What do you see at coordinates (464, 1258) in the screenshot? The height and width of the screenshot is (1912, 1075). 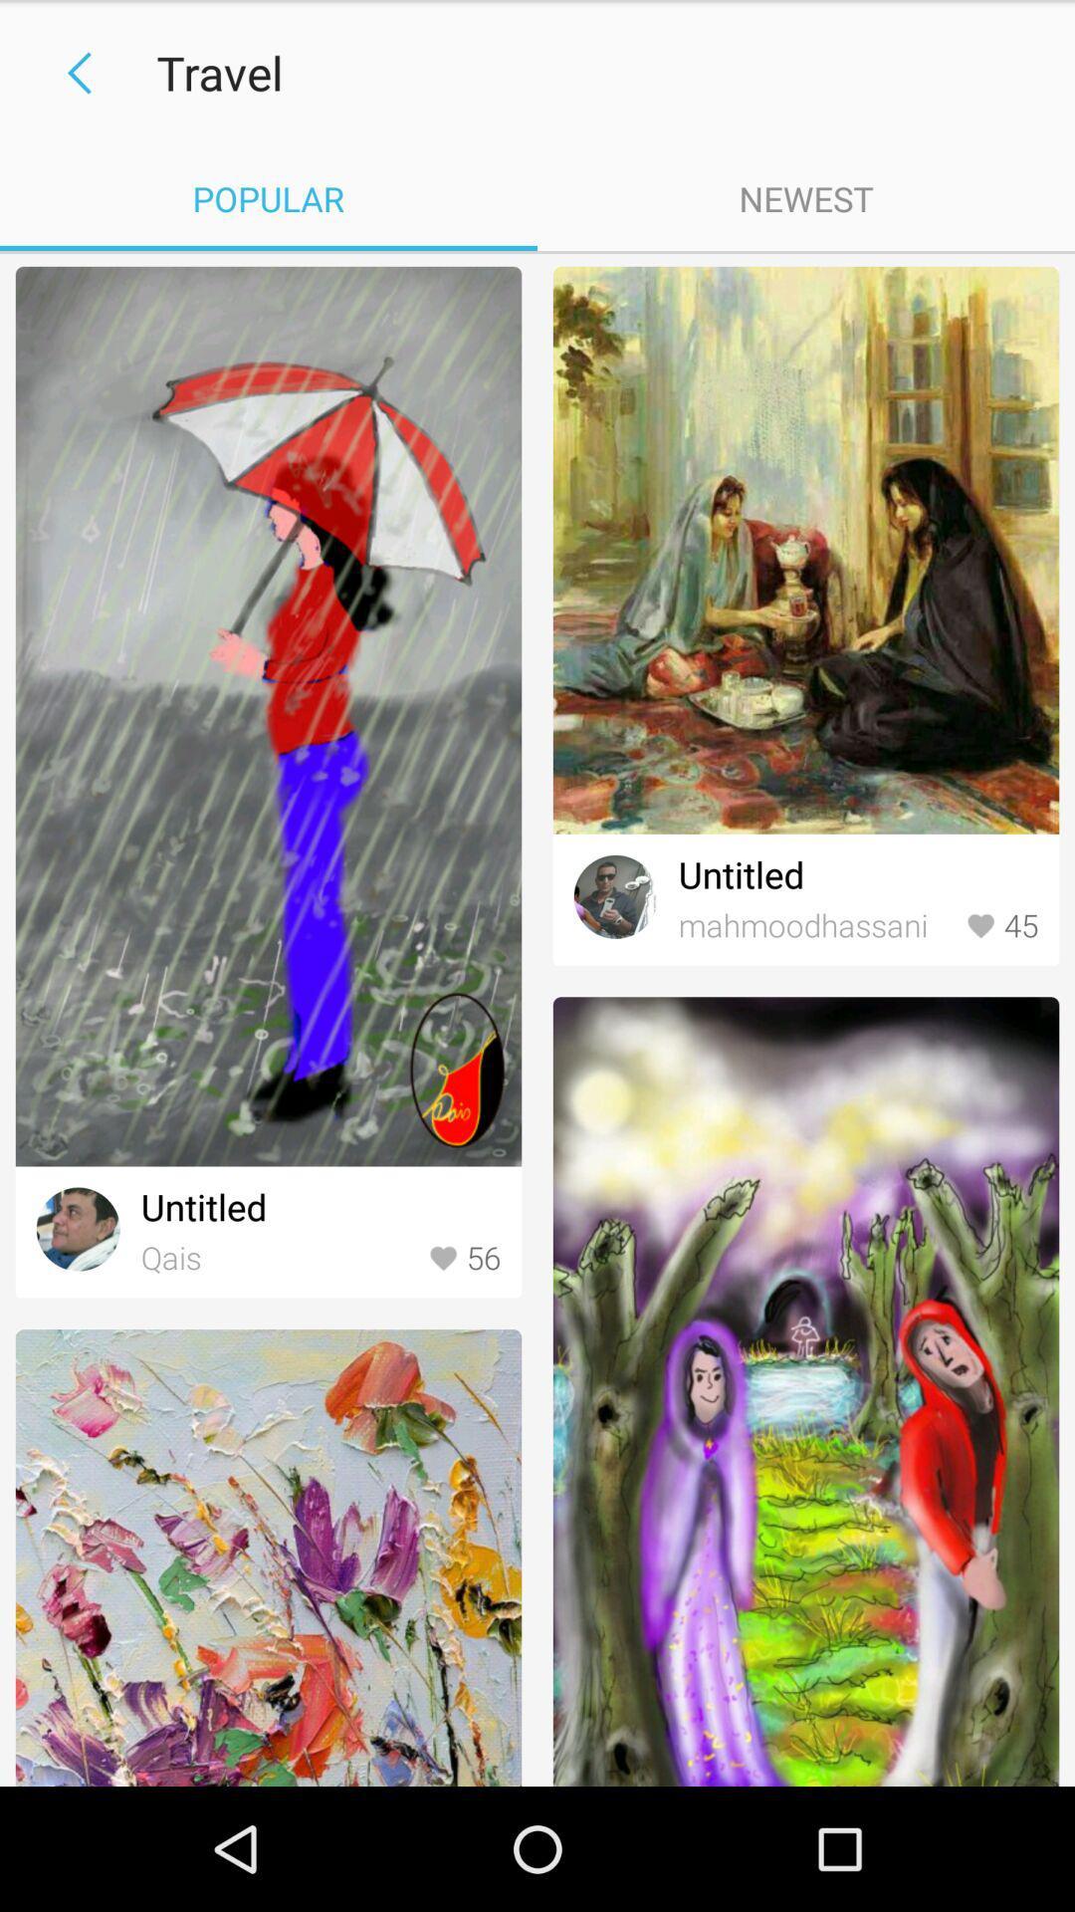 I see `the 56 icon` at bounding box center [464, 1258].